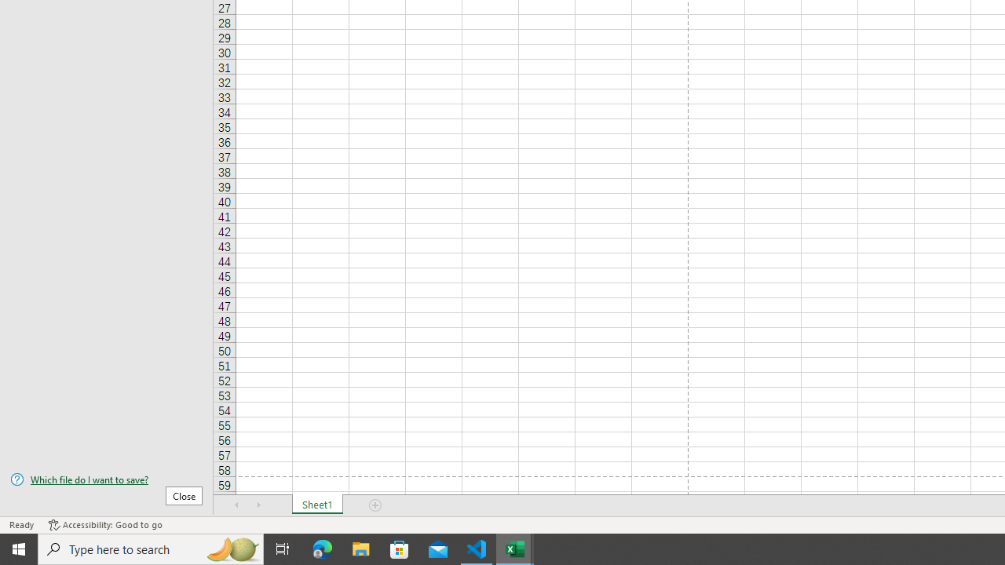 This screenshot has width=1005, height=565. What do you see at coordinates (476, 548) in the screenshot?
I see `'Visual Studio Code - 1 running window'` at bounding box center [476, 548].